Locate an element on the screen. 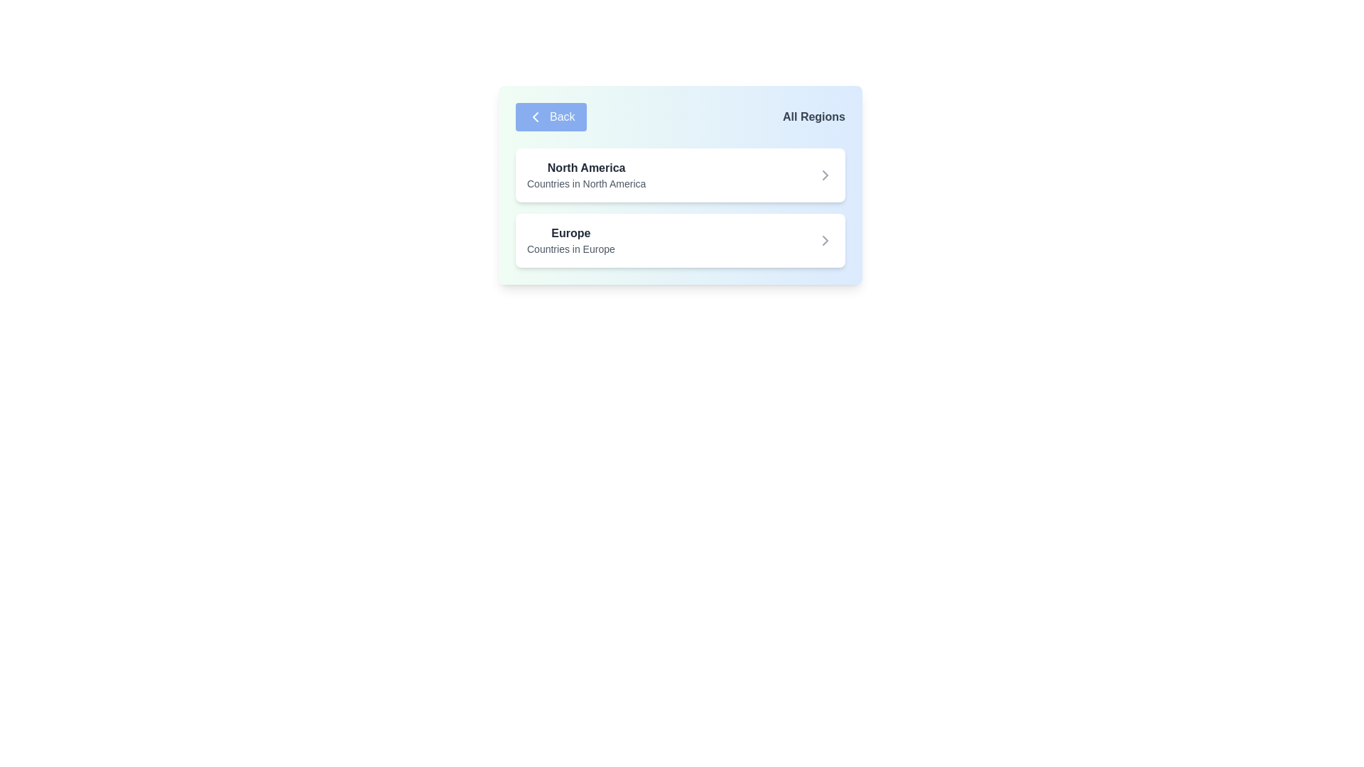 This screenshot has height=767, width=1364. the 'Back' button which contains a small left-facing chevron icon is located at coordinates (534, 116).